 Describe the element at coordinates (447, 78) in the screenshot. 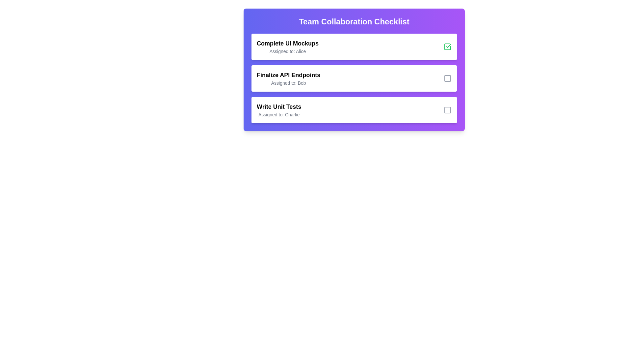

I see `the small square icon with rounded corners located inside the second item of a vertically stacked list, positioned to the far right of the item's title text` at that location.